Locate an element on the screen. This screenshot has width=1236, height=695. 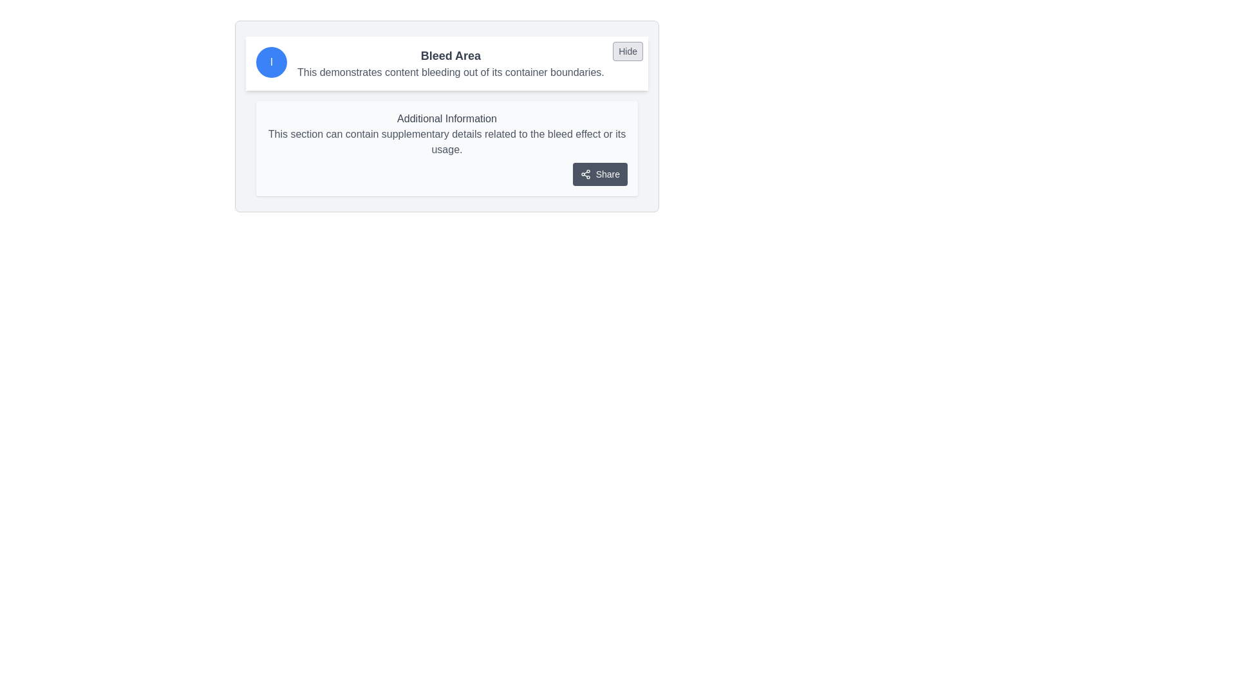
the 'Share' button which contains the 'Share' icon located in the lower-right section of the panel is located at coordinates (585, 174).